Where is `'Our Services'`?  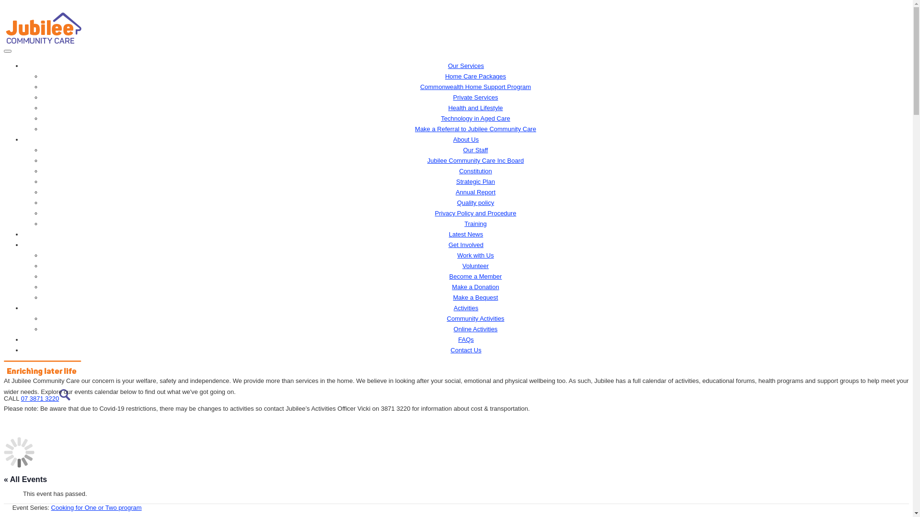 'Our Services' is located at coordinates (466, 66).